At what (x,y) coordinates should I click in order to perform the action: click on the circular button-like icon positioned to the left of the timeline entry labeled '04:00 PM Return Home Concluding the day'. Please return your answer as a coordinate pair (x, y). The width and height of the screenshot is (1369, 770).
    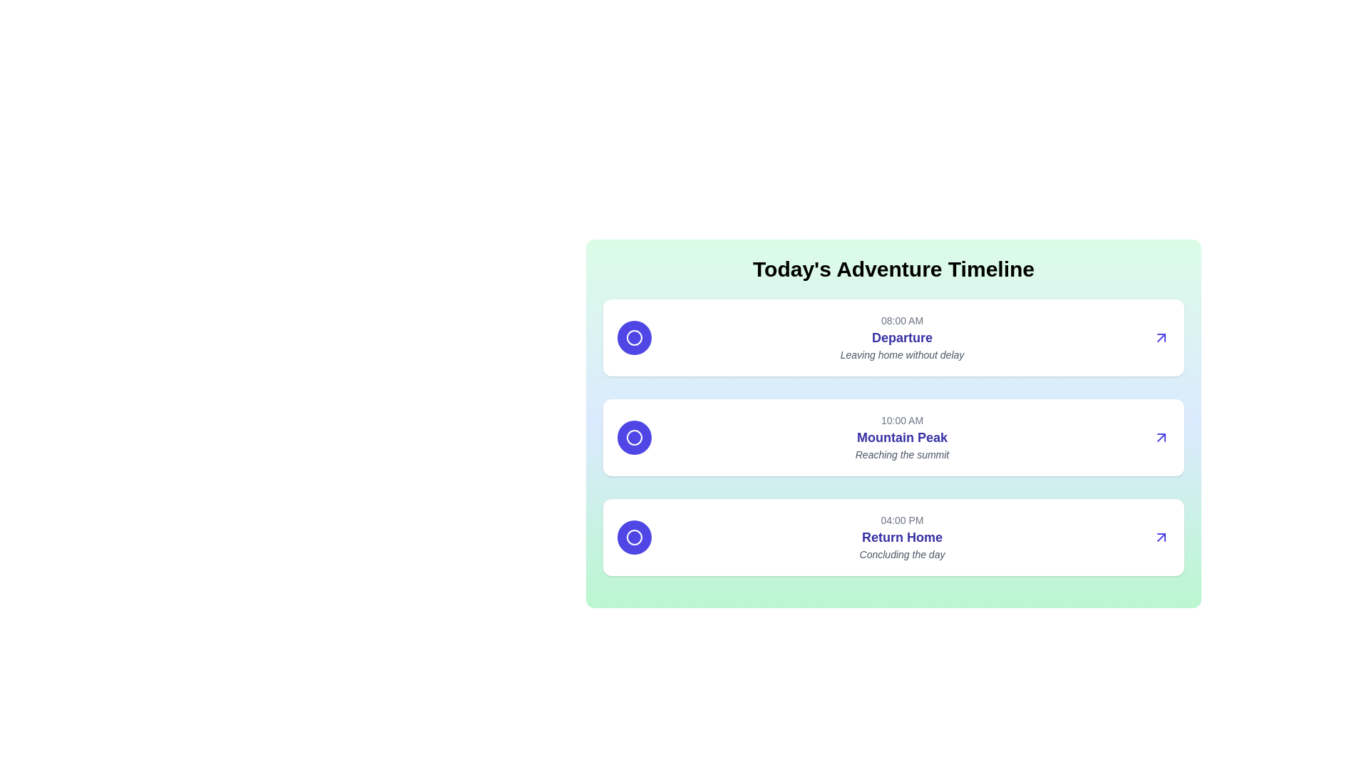
    Looking at the image, I should click on (633, 537).